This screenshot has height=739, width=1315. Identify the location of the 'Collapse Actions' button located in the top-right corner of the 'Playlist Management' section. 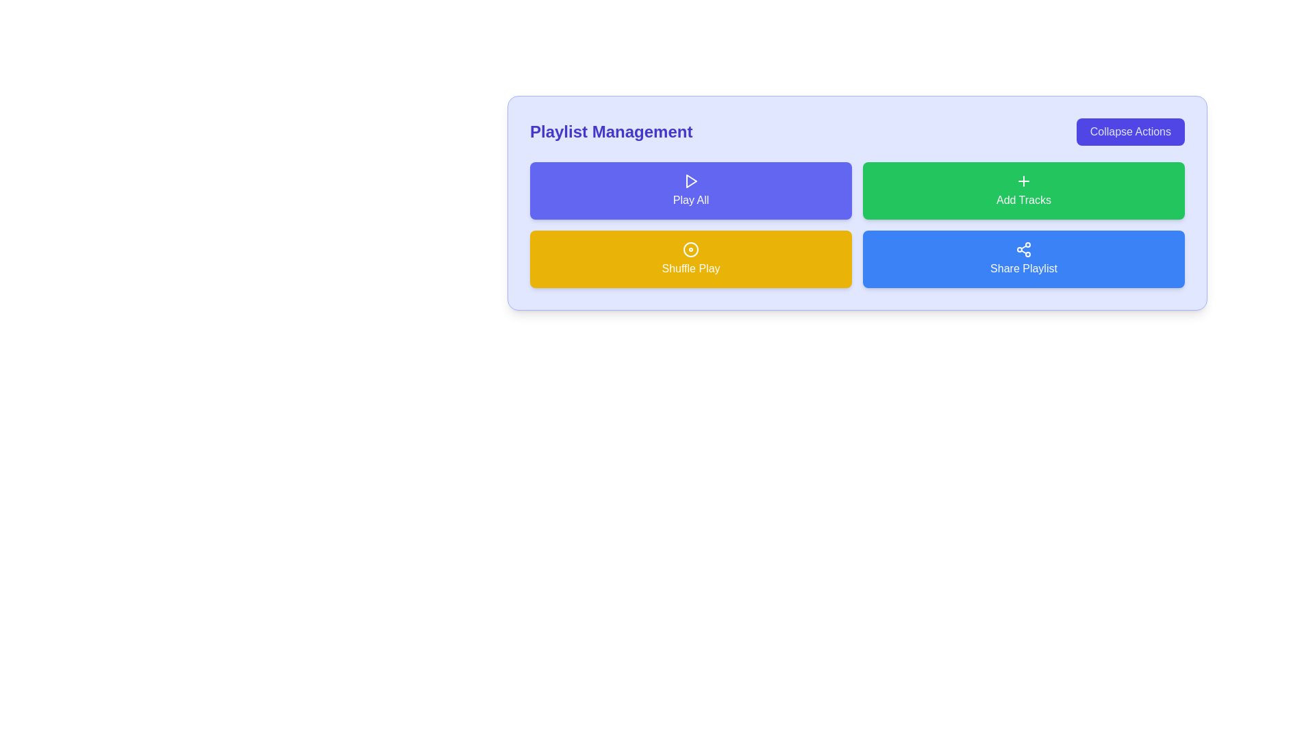
(1130, 131).